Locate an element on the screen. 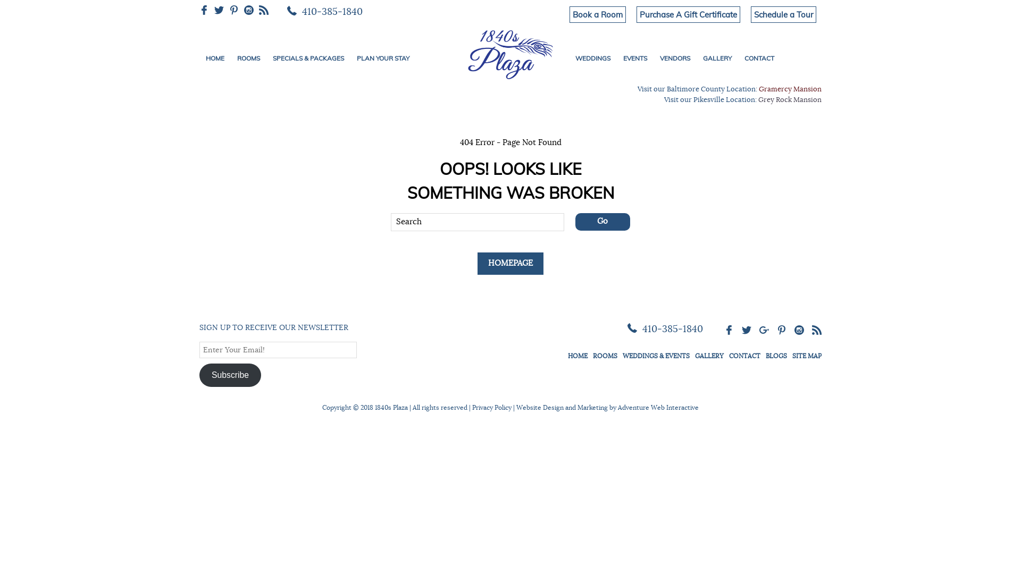 Image resolution: width=1021 pixels, height=574 pixels. 'BLOGS' is located at coordinates (776, 356).